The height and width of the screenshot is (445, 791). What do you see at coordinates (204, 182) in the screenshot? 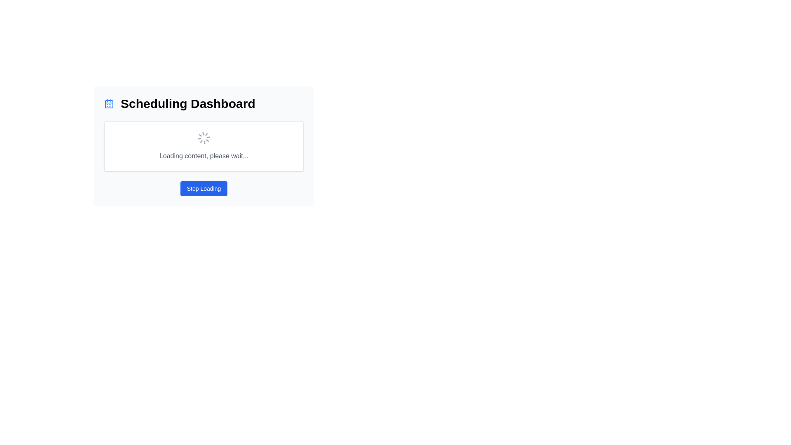
I see `informational text displayed in the modal popup with the title 'Scheduling Dashboard', which shows the spinner animation and the message 'Loading content, please wait...'` at bounding box center [204, 182].